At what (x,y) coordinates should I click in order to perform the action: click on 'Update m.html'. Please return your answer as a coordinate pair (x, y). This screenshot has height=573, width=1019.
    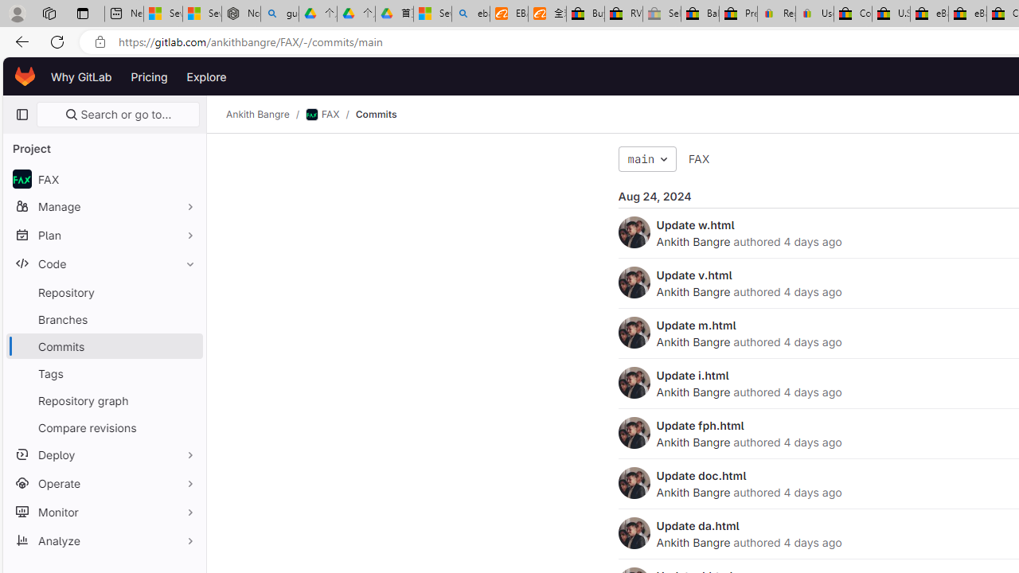
    Looking at the image, I should click on (696, 324).